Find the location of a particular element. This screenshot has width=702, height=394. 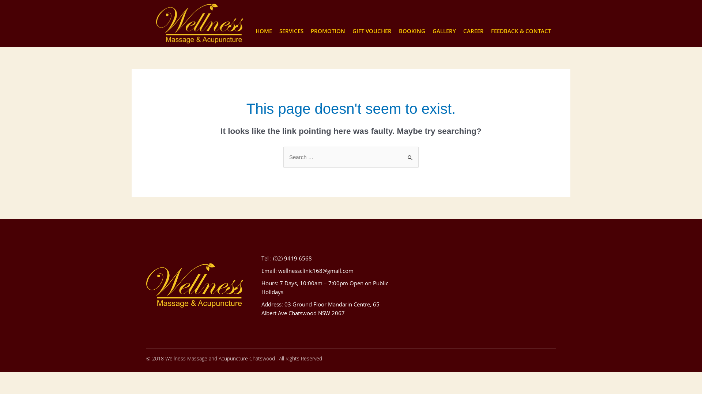

'GIFT VOUCHER' is located at coordinates (372, 30).